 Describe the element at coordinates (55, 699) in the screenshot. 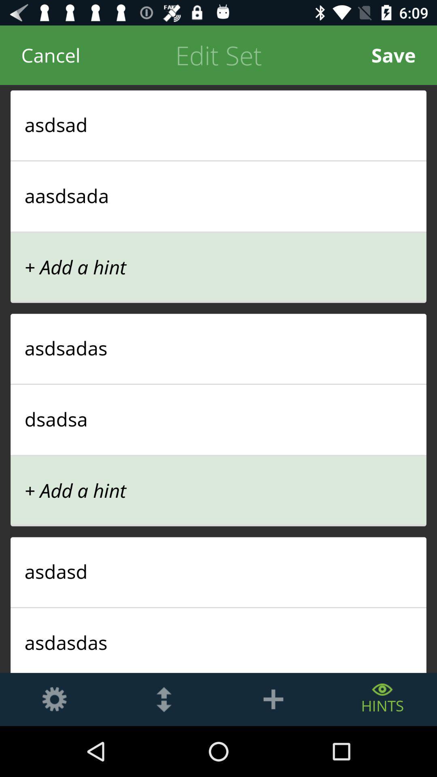

I see `settings` at that location.